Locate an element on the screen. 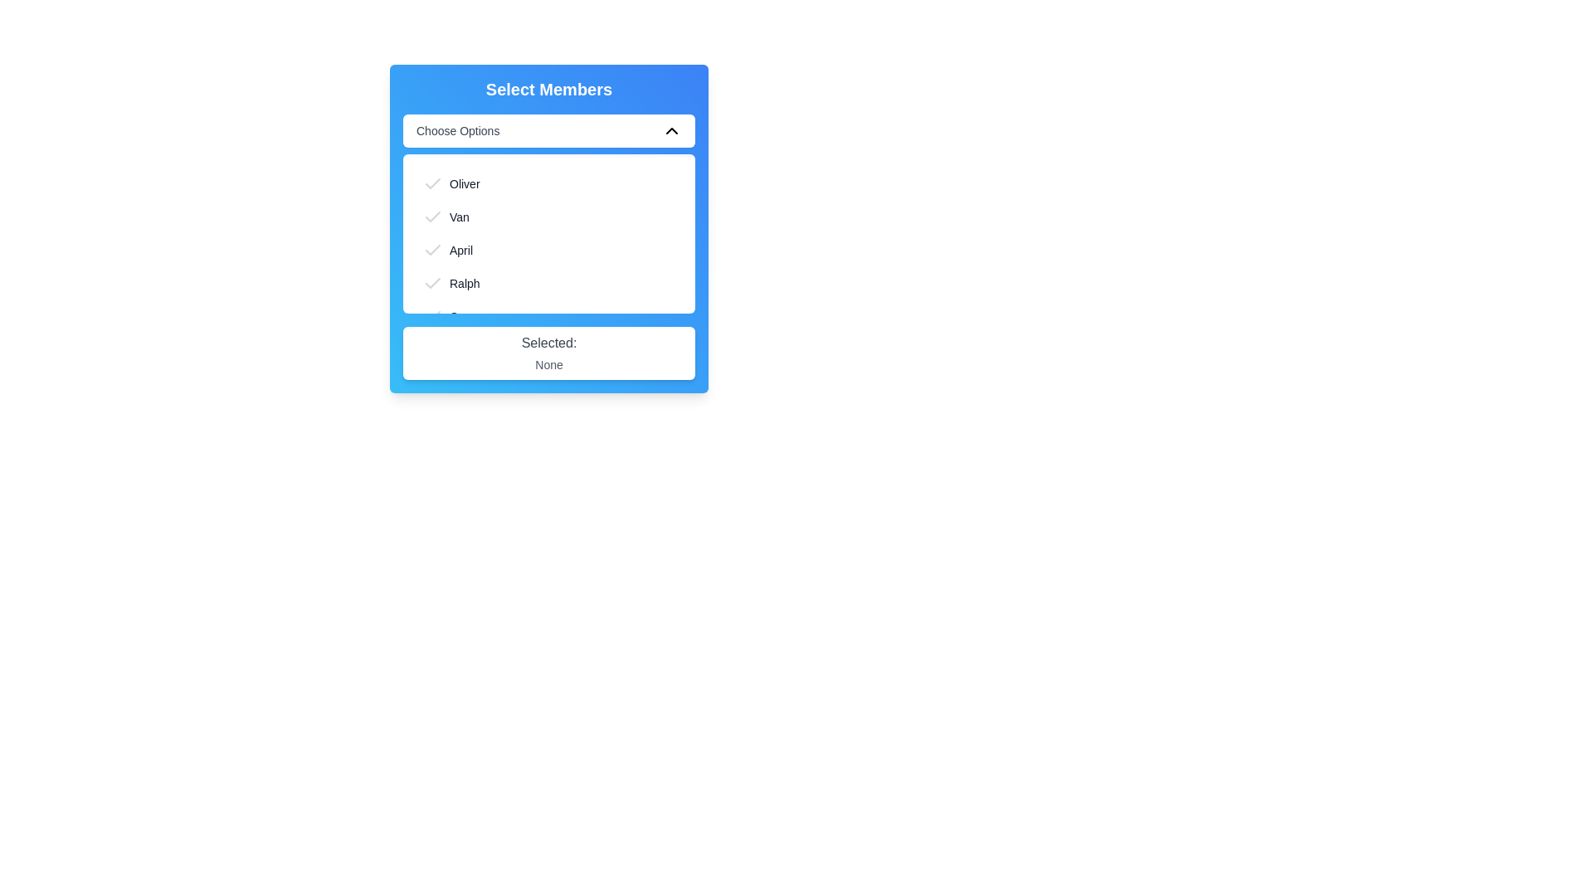  the icon located to the left of the text field of the entry labeled 'Van' is located at coordinates (433, 217).